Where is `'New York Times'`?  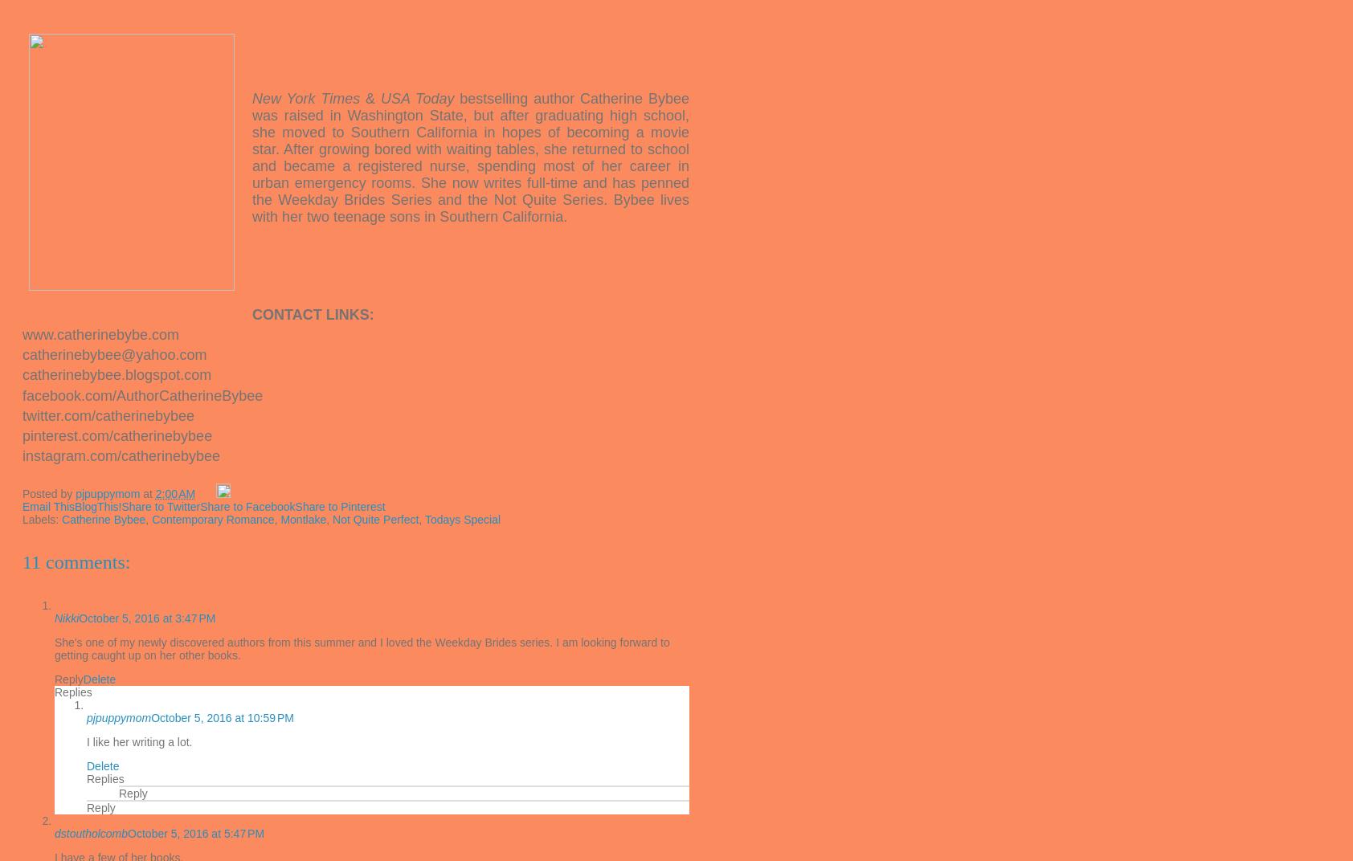
'New York Times' is located at coordinates (252, 98).